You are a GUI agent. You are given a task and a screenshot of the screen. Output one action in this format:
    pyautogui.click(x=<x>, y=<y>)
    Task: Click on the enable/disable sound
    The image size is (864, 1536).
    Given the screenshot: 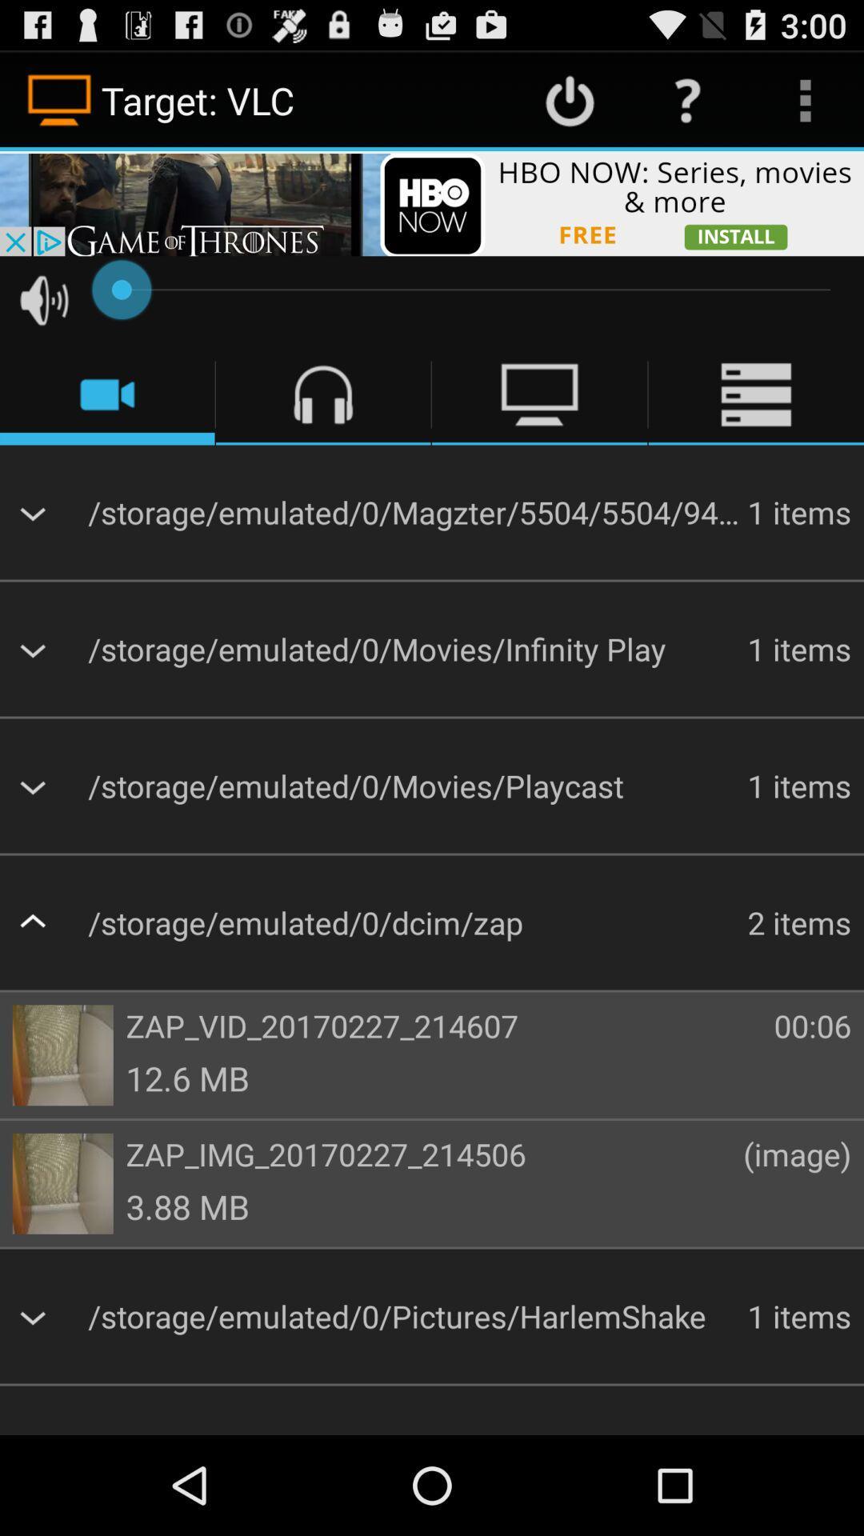 What is the action you would take?
    pyautogui.click(x=43, y=300)
    